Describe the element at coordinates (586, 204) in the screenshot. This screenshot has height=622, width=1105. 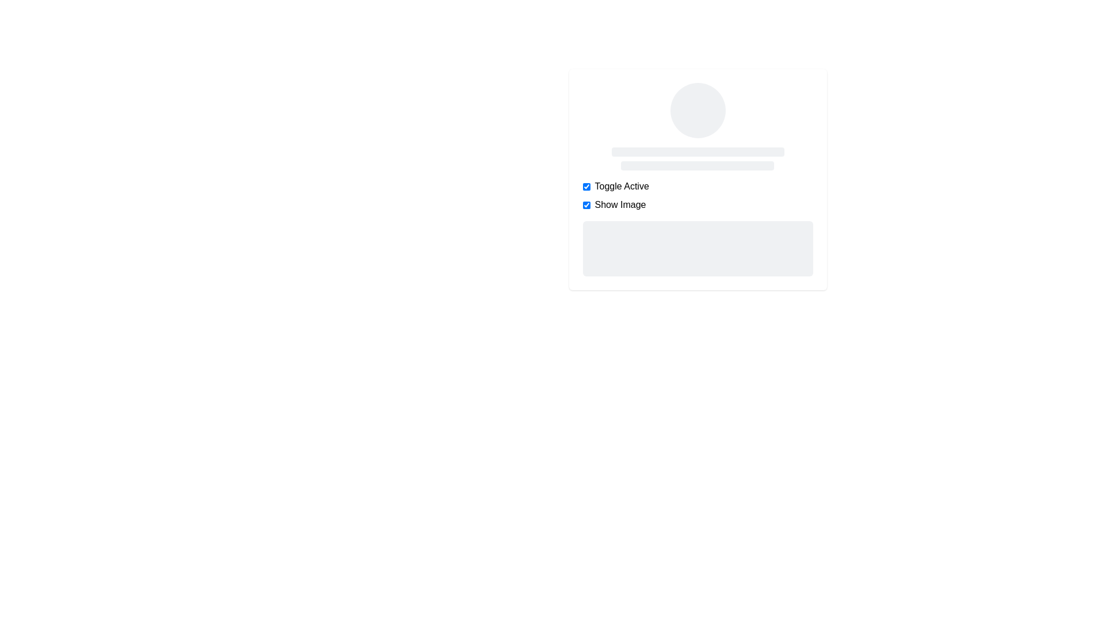
I see `the checkbox that toggles the option for showing an image, located adjacent to the text 'Show Image'` at that location.